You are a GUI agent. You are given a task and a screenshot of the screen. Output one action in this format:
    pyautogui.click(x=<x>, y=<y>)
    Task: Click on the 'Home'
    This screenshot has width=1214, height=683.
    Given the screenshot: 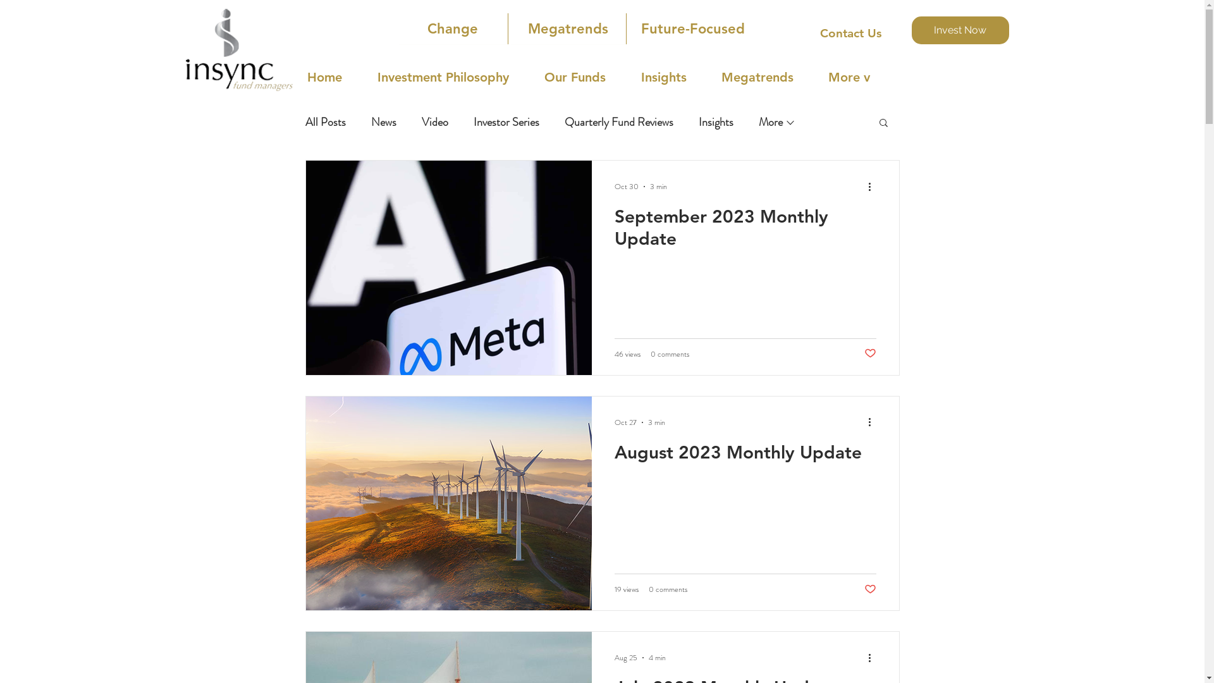 What is the action you would take?
    pyautogui.click(x=336, y=77)
    